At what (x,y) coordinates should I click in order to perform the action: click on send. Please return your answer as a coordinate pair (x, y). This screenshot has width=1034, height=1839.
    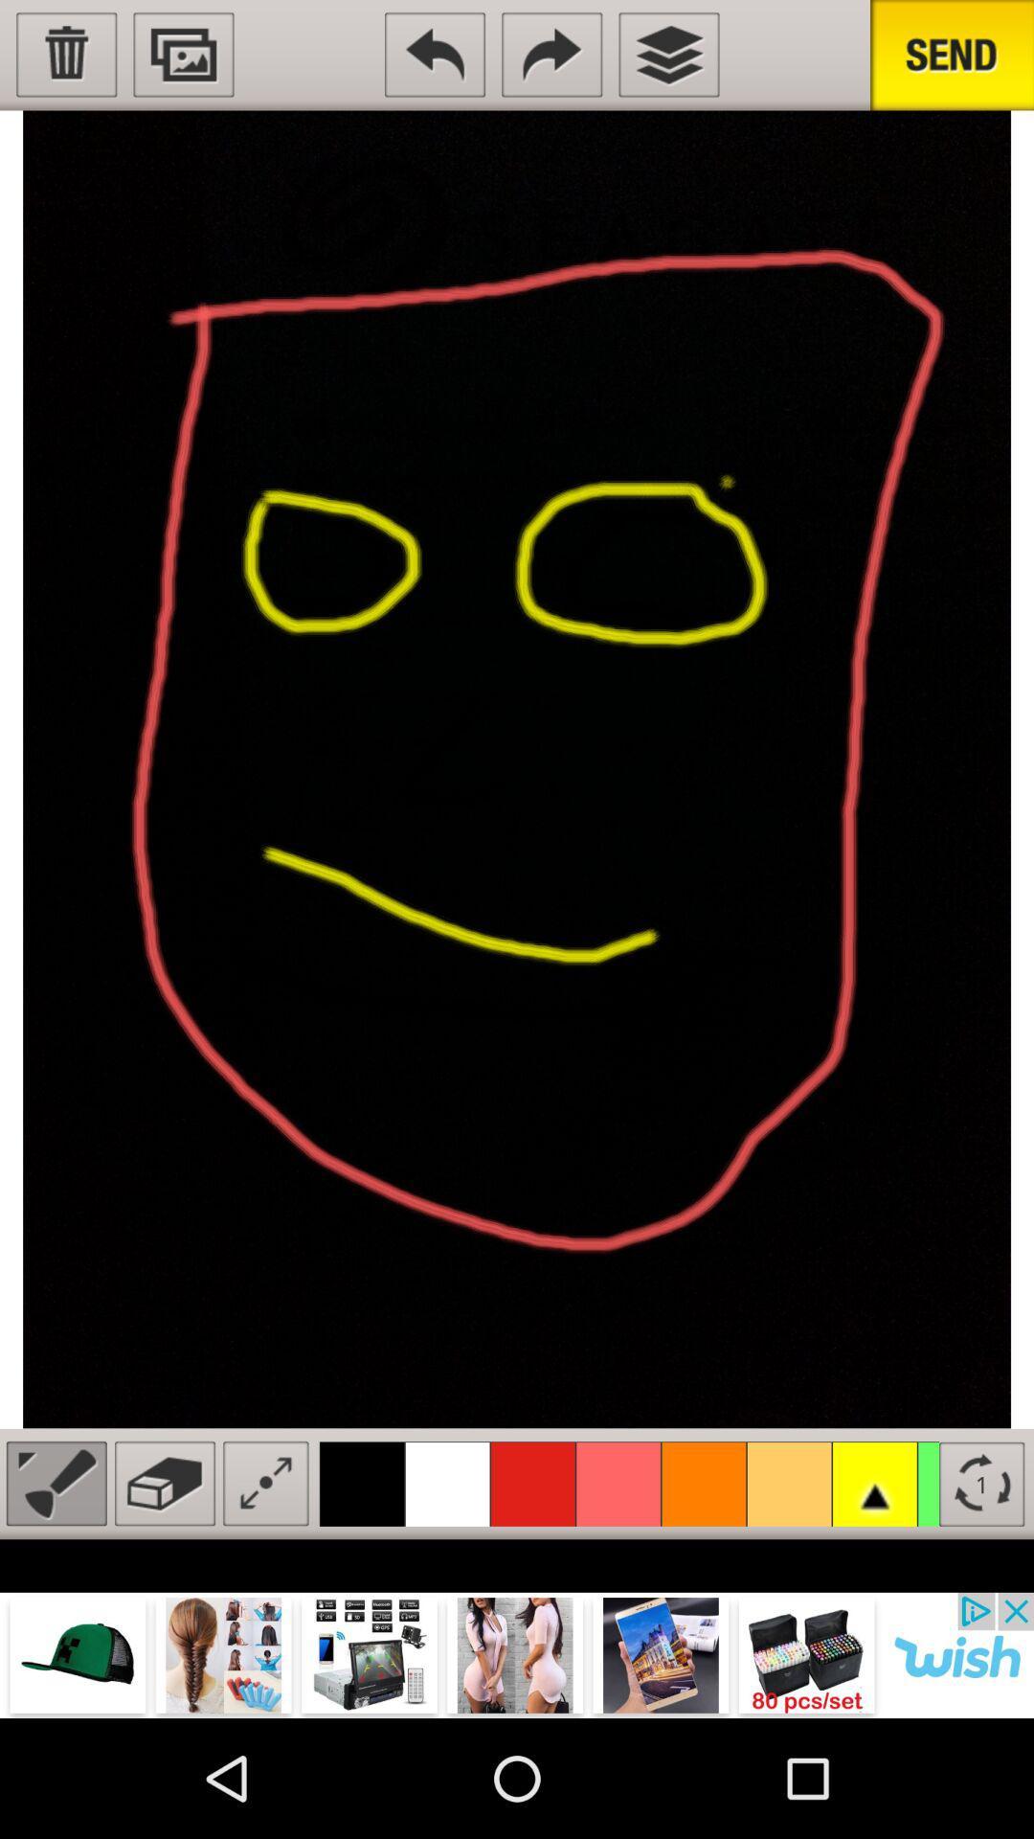
    Looking at the image, I should click on (952, 55).